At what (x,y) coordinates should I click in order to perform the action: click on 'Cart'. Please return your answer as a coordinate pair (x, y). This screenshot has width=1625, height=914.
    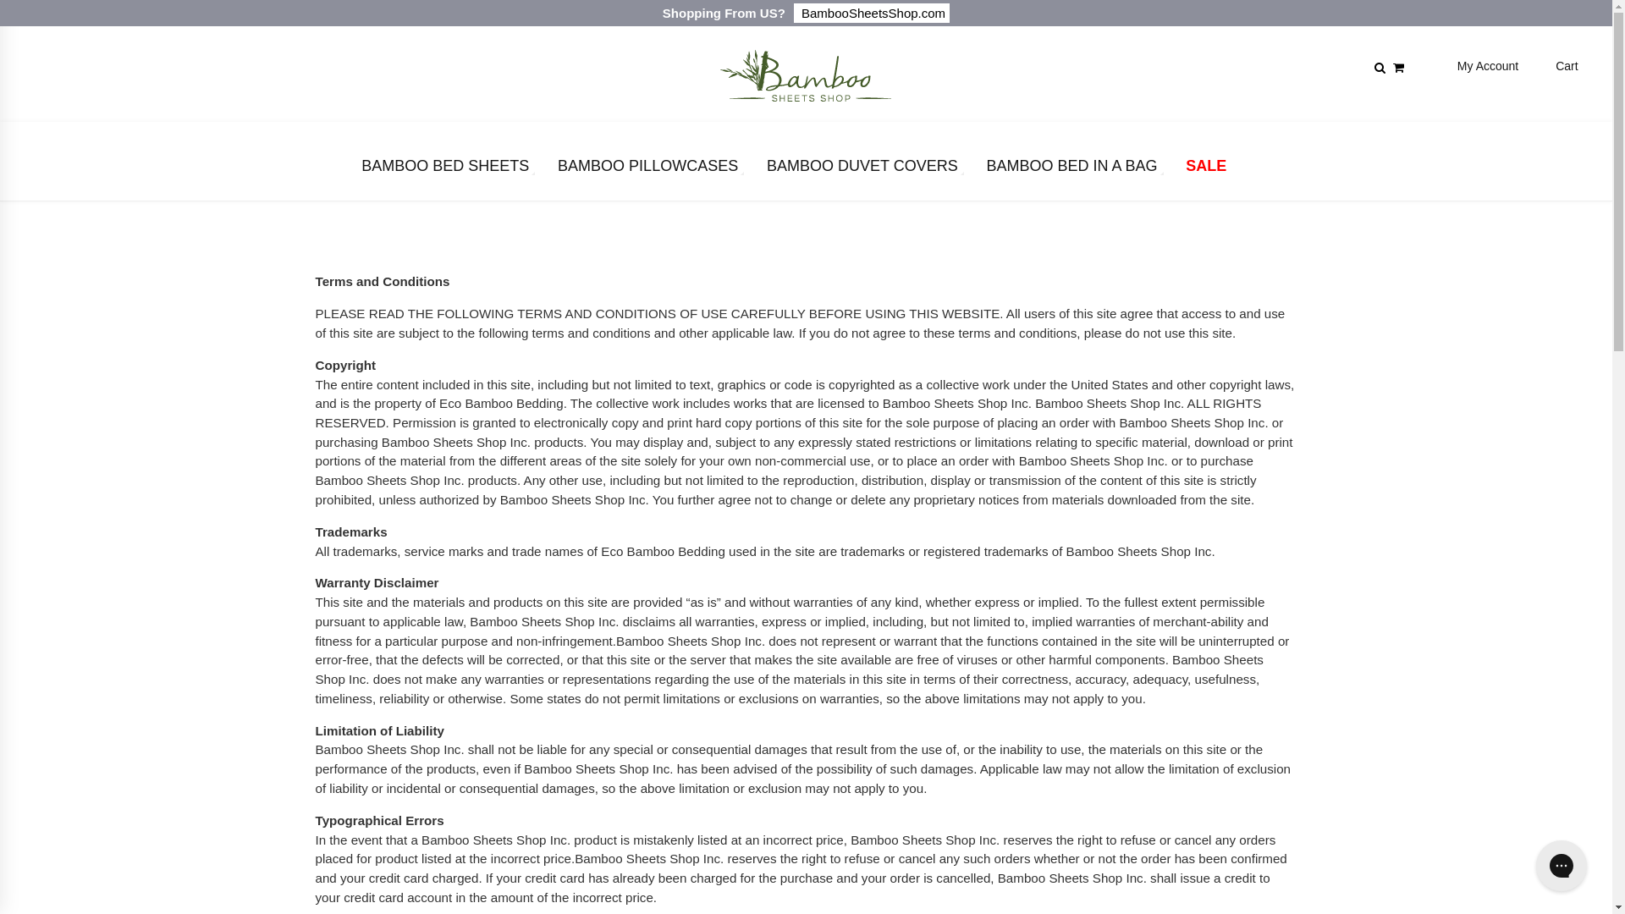
    Looking at the image, I should click on (1566, 64).